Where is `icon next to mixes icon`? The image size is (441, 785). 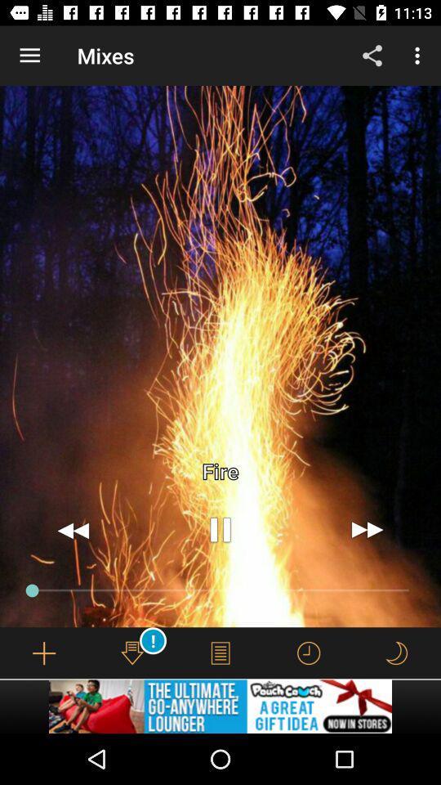 icon next to mixes icon is located at coordinates (372, 56).